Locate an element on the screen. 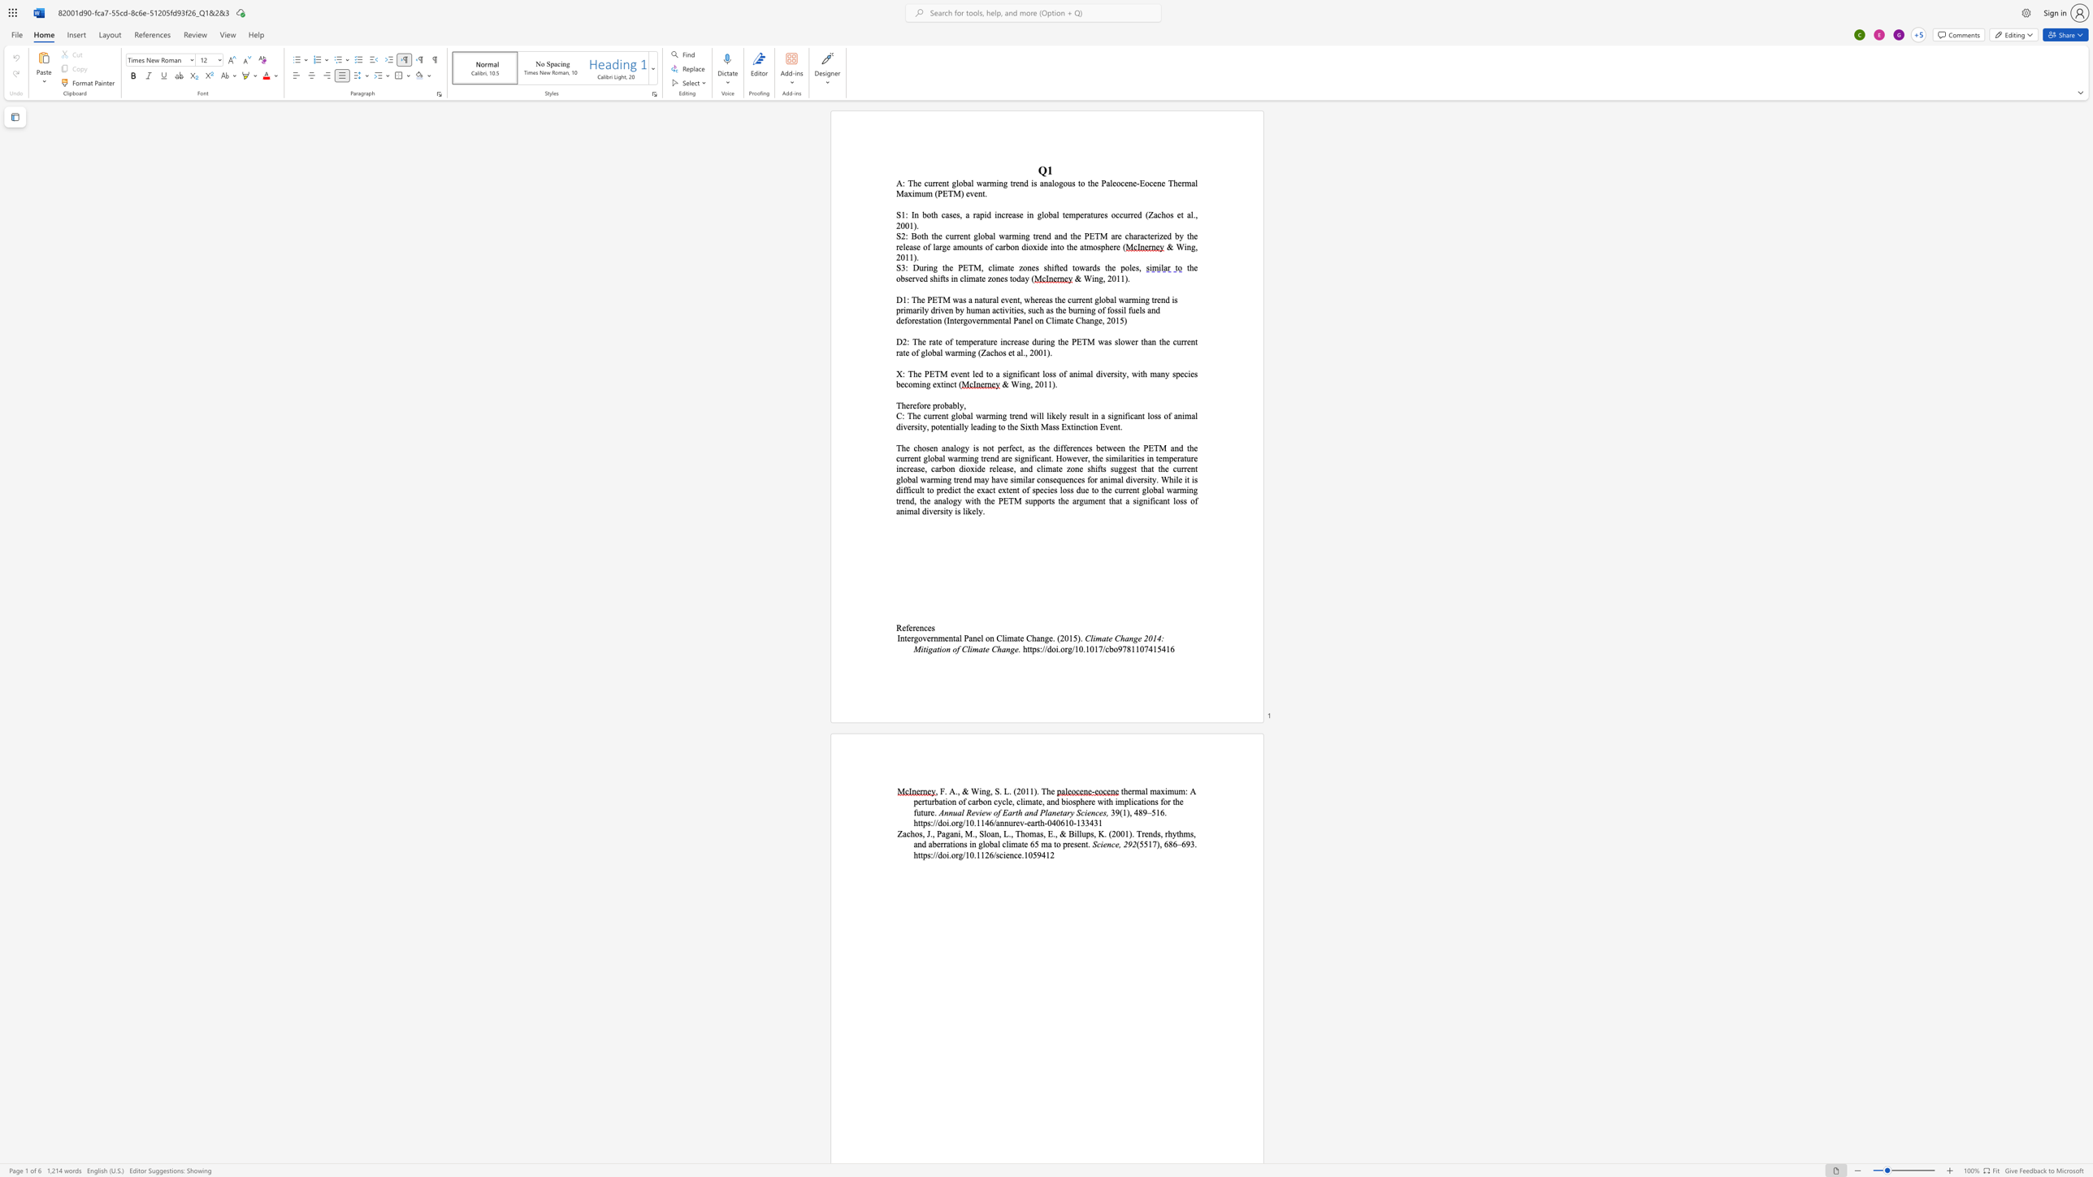  the 2th character "l" in the text is located at coordinates (994, 236).